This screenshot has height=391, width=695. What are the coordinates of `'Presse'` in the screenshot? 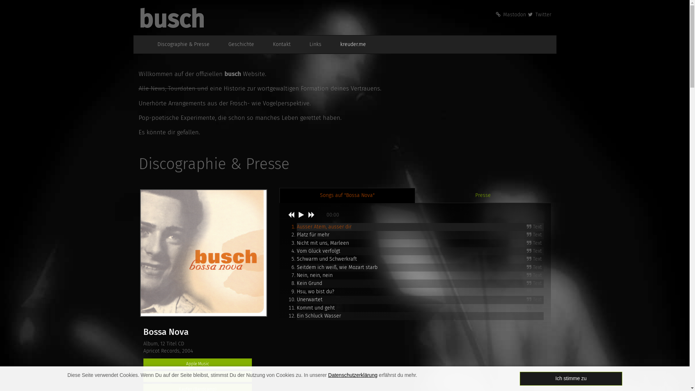 It's located at (483, 195).